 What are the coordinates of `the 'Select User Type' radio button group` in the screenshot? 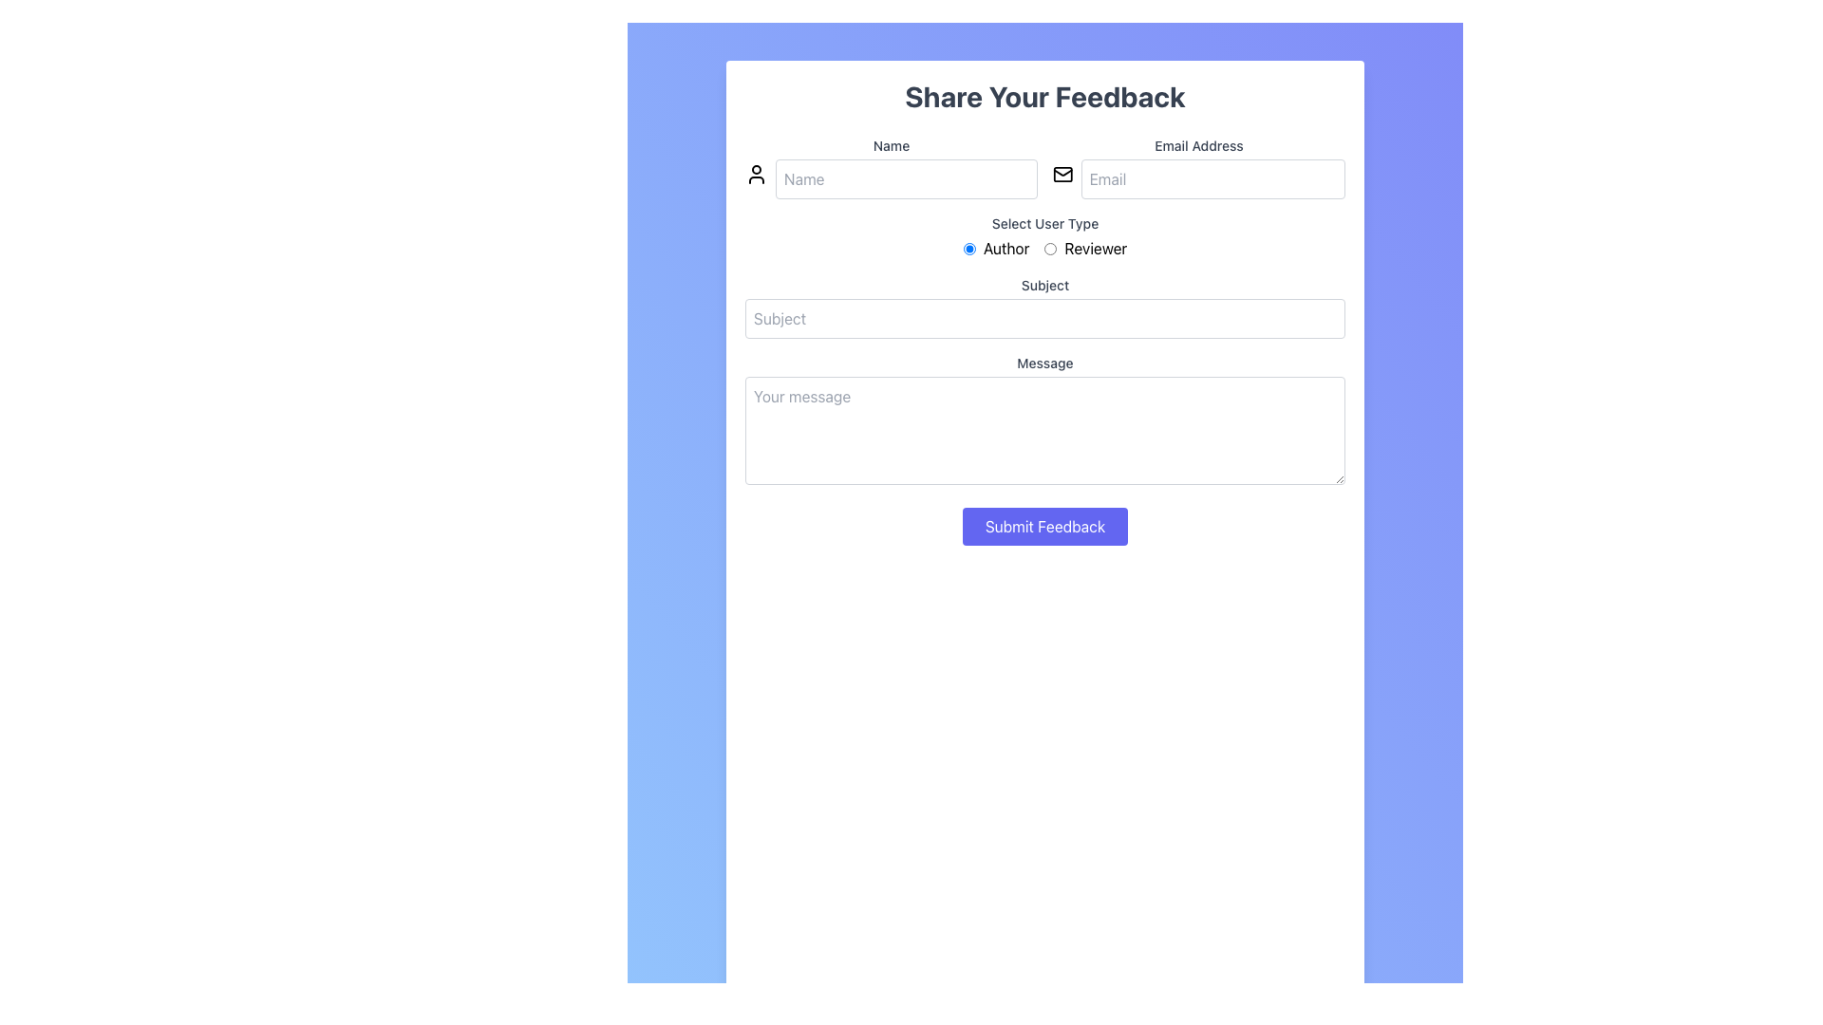 It's located at (1043, 236).